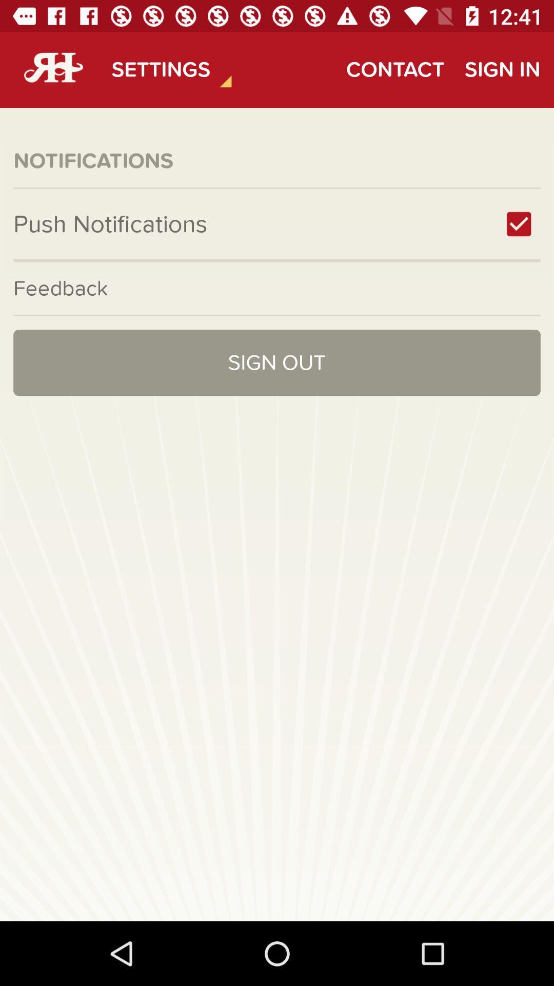  Describe the element at coordinates (519, 223) in the screenshot. I see `turn off push notifications` at that location.